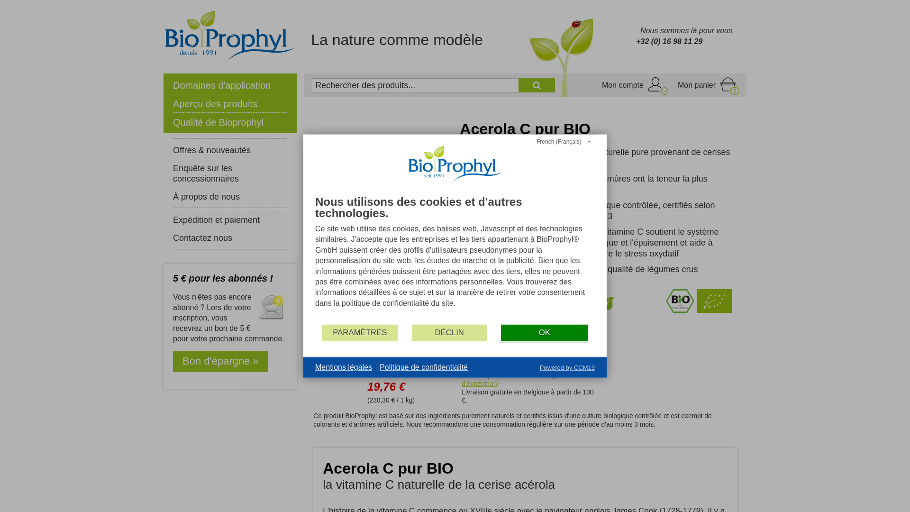 This screenshot has width=910, height=512. Describe the element at coordinates (607, 310) in the screenshot. I see `'Vegan'` at that location.